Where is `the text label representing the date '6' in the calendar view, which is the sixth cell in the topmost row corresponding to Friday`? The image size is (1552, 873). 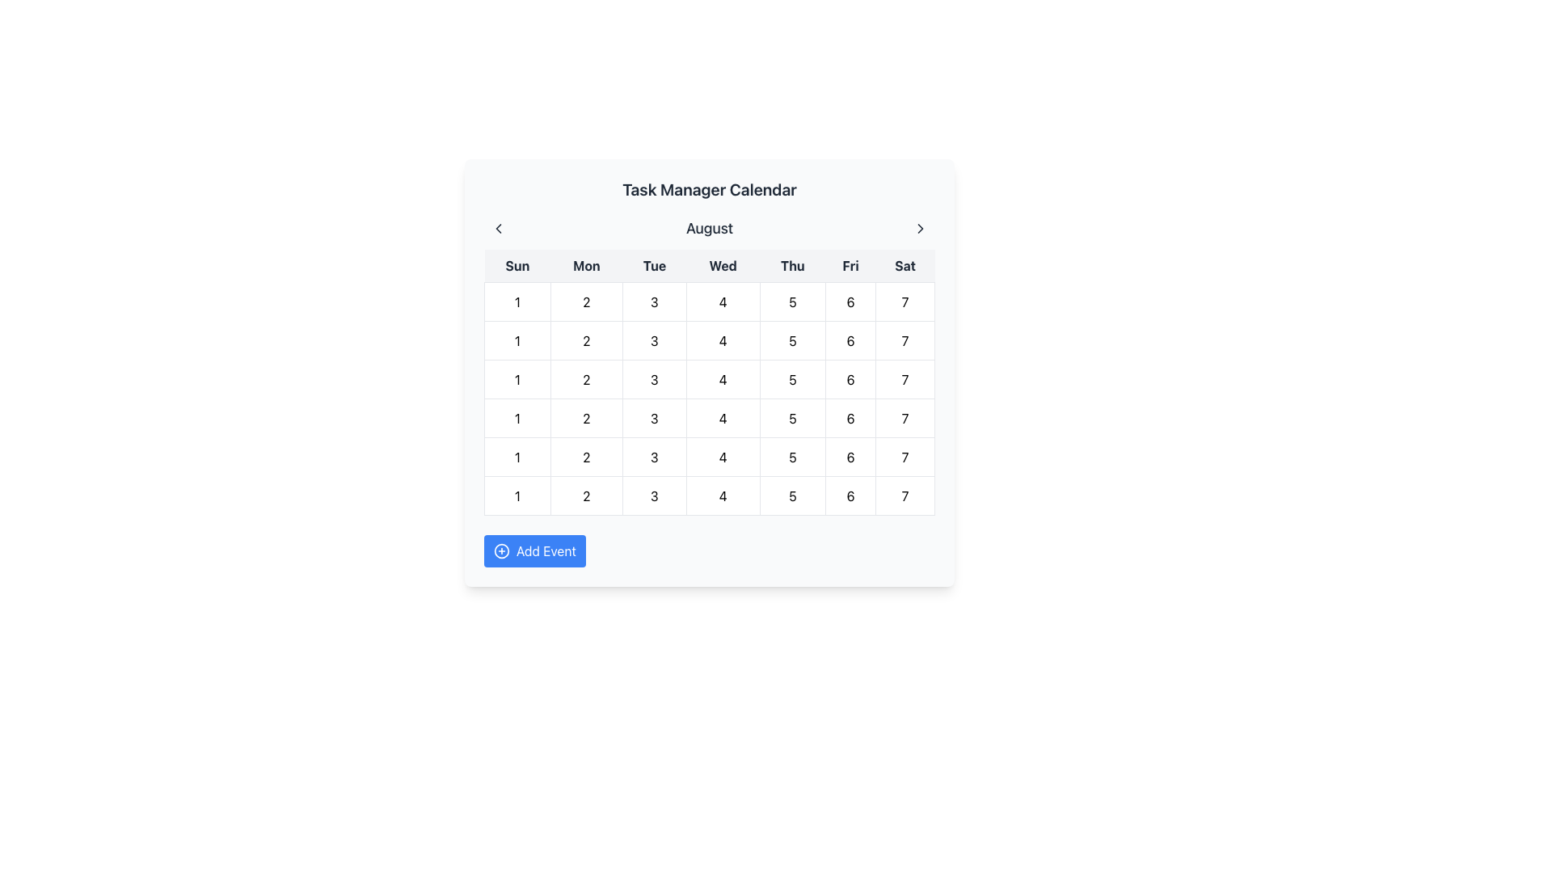 the text label representing the date '6' in the calendar view, which is the sixth cell in the topmost row corresponding to Friday is located at coordinates (850, 495).